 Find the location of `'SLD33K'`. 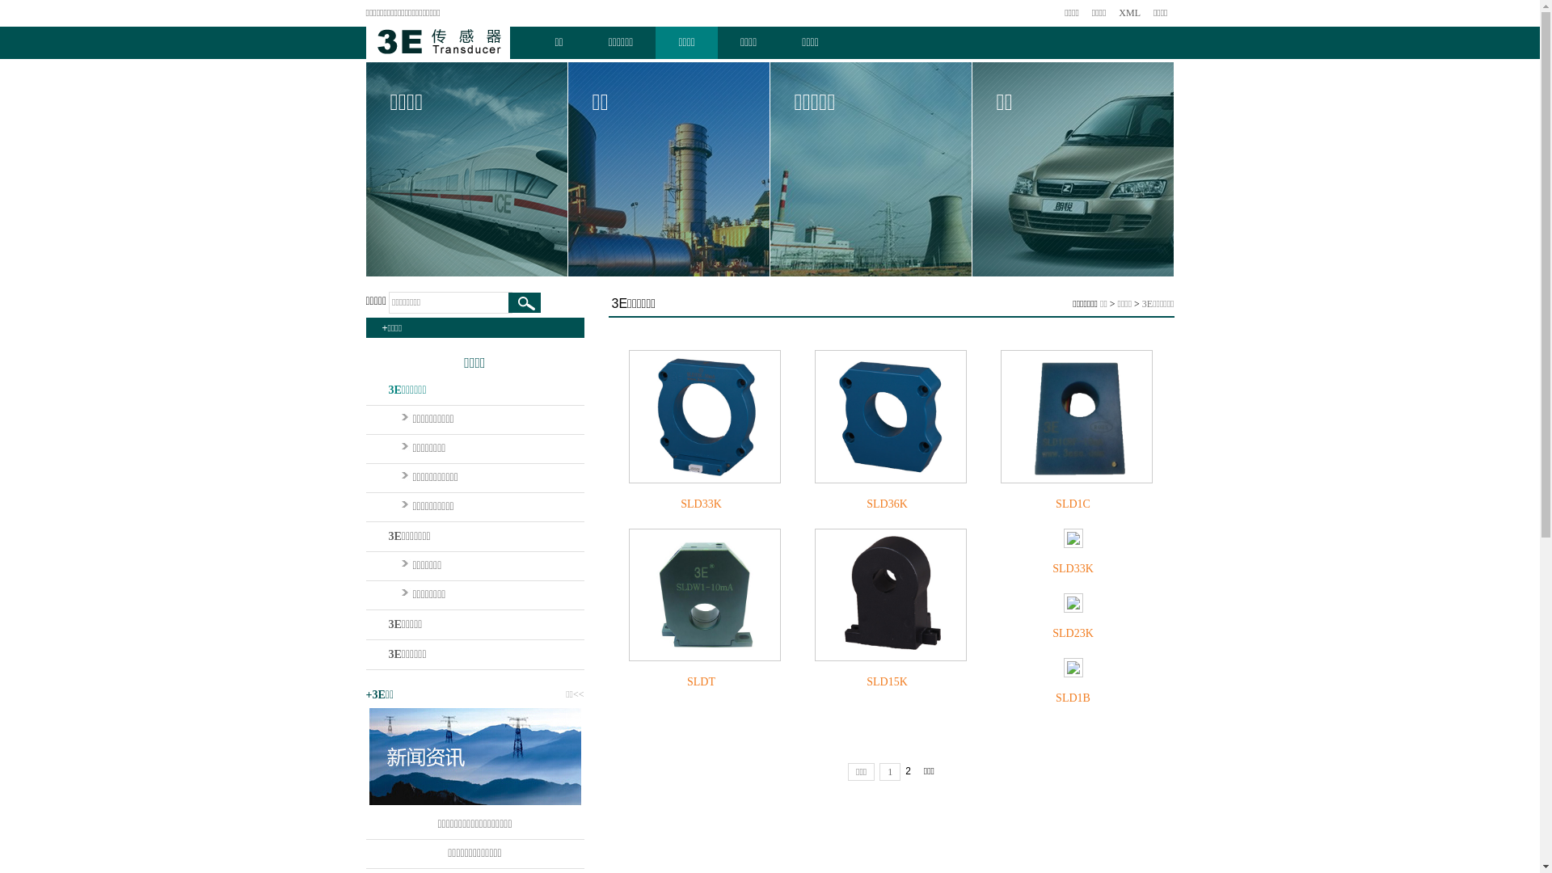

'SLD33K' is located at coordinates (1073, 540).